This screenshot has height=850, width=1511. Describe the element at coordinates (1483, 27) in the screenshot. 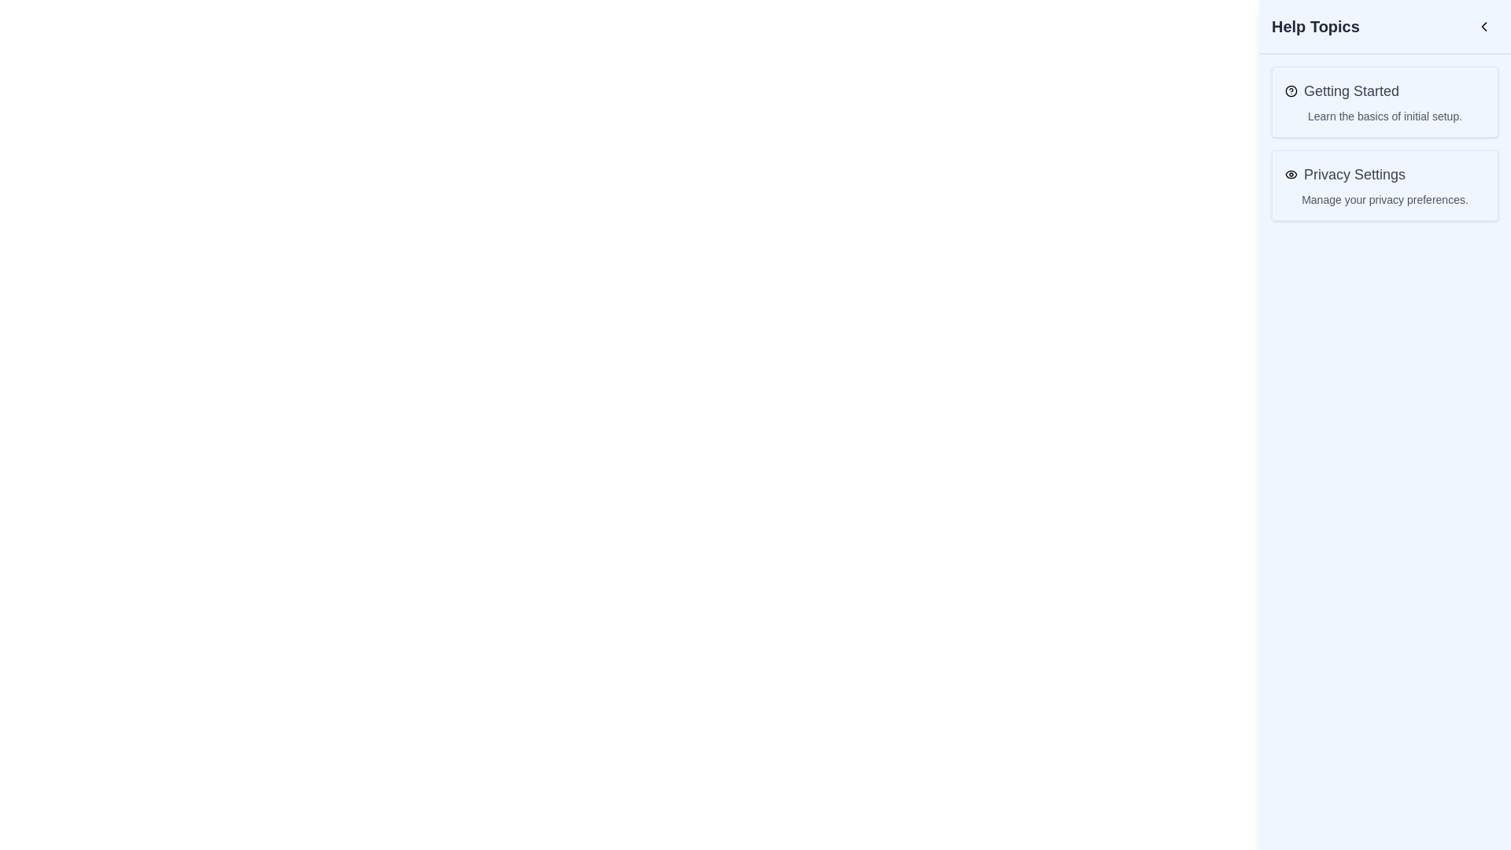

I see `the left-pointing chevron icon button located in the top right corner of the 'Help Topics' sidebar` at that location.